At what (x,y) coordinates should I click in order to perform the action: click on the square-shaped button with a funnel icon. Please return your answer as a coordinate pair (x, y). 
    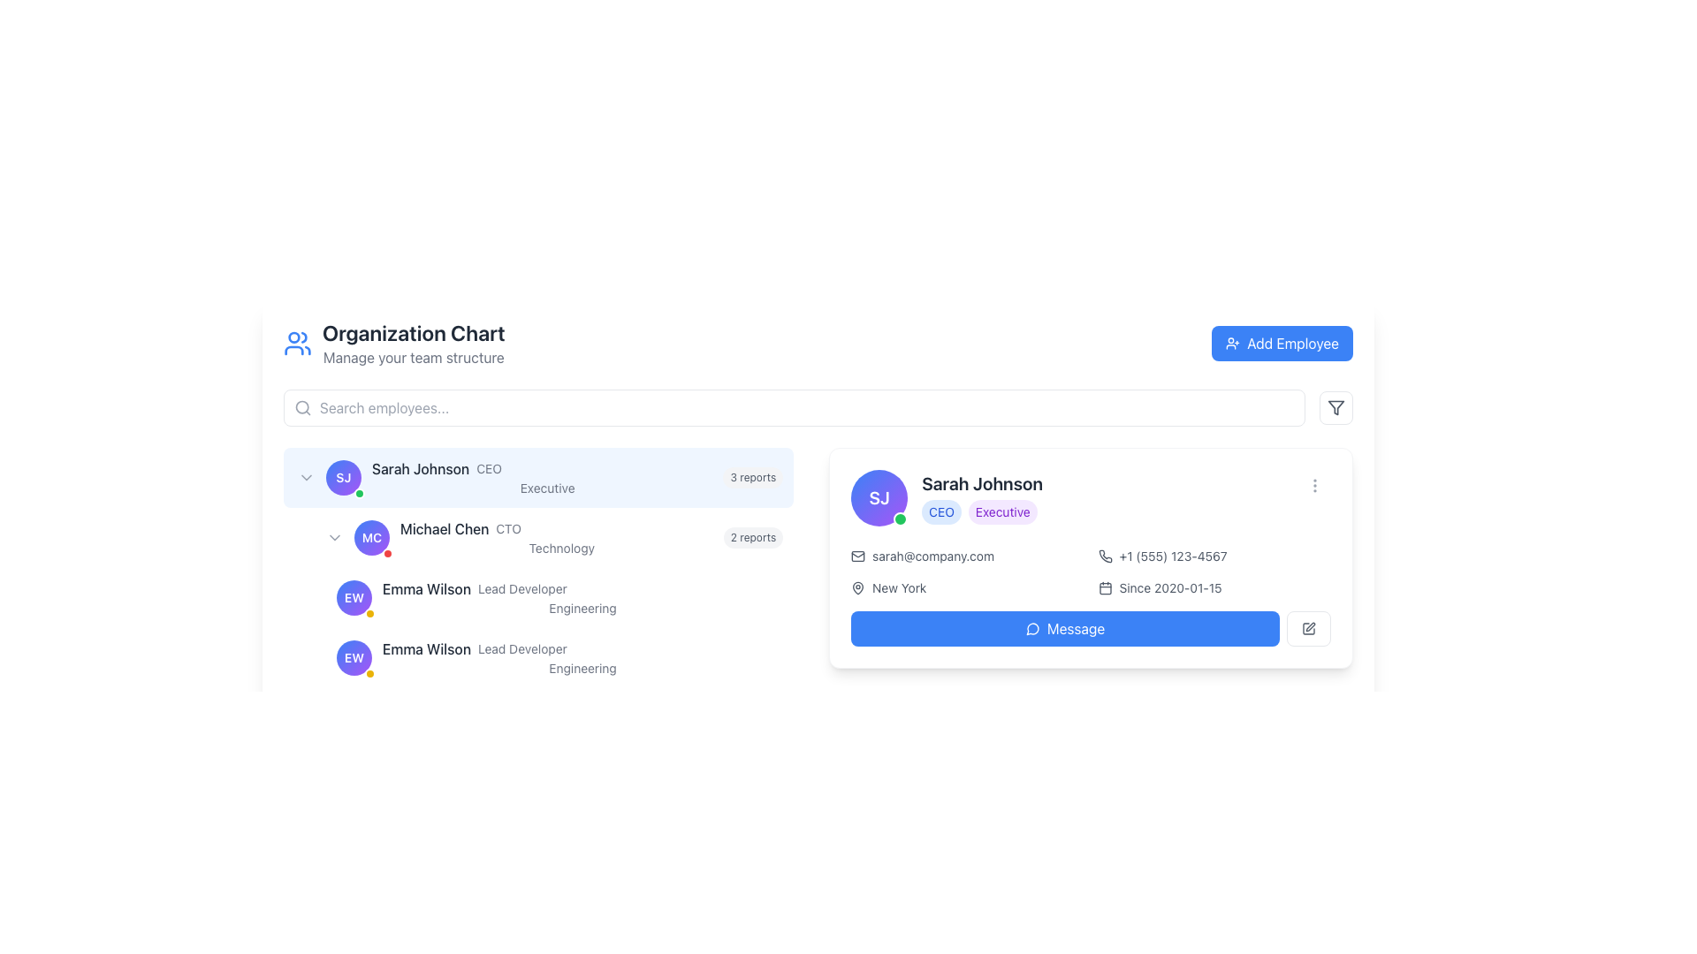
    Looking at the image, I should click on (1336, 408).